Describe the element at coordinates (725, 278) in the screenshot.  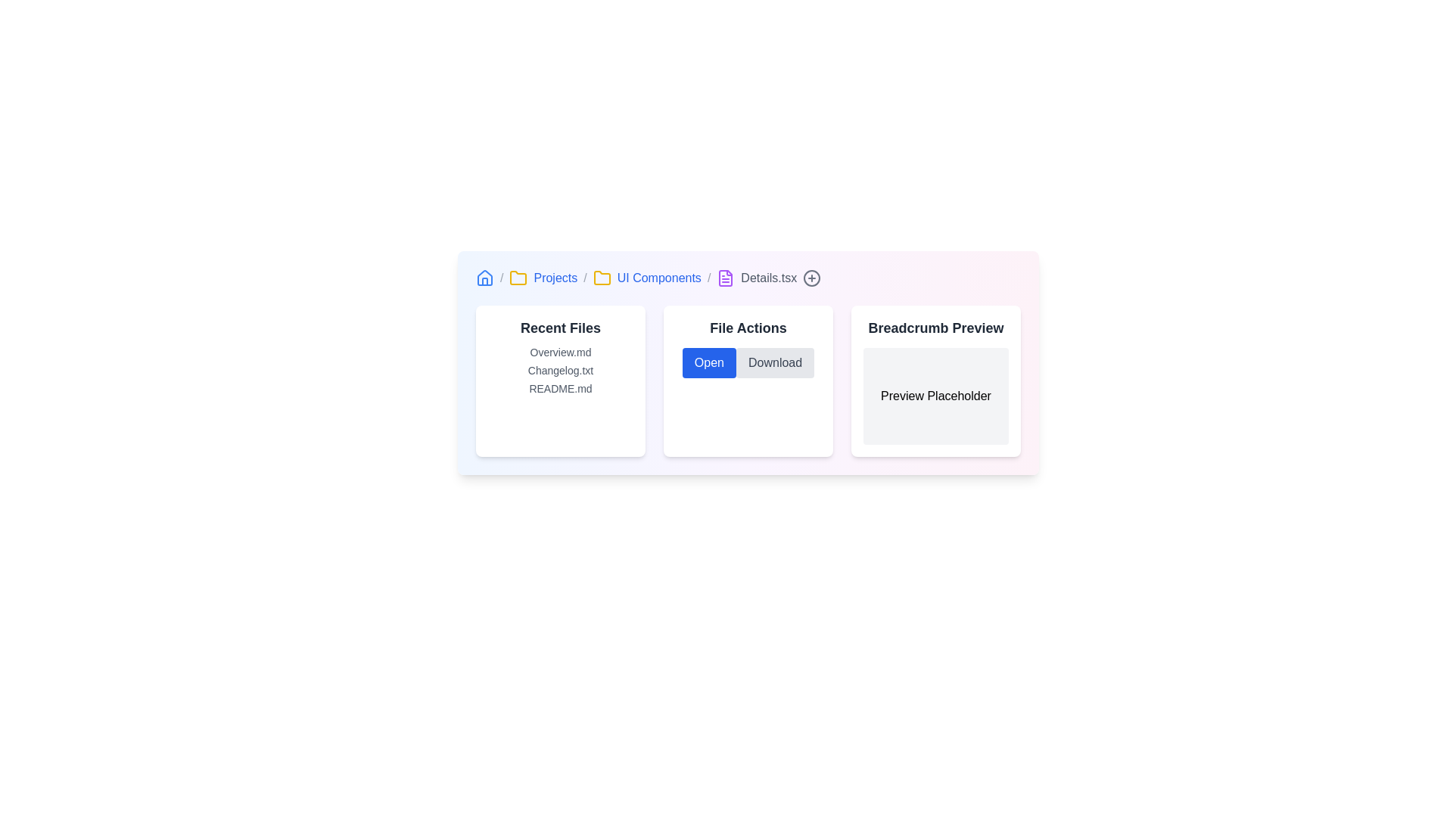
I see `the icon representing the 'Details.tsx' file in the breadcrumb navigation bar, which is located directly to the left of the text 'Details.tsx'` at that location.